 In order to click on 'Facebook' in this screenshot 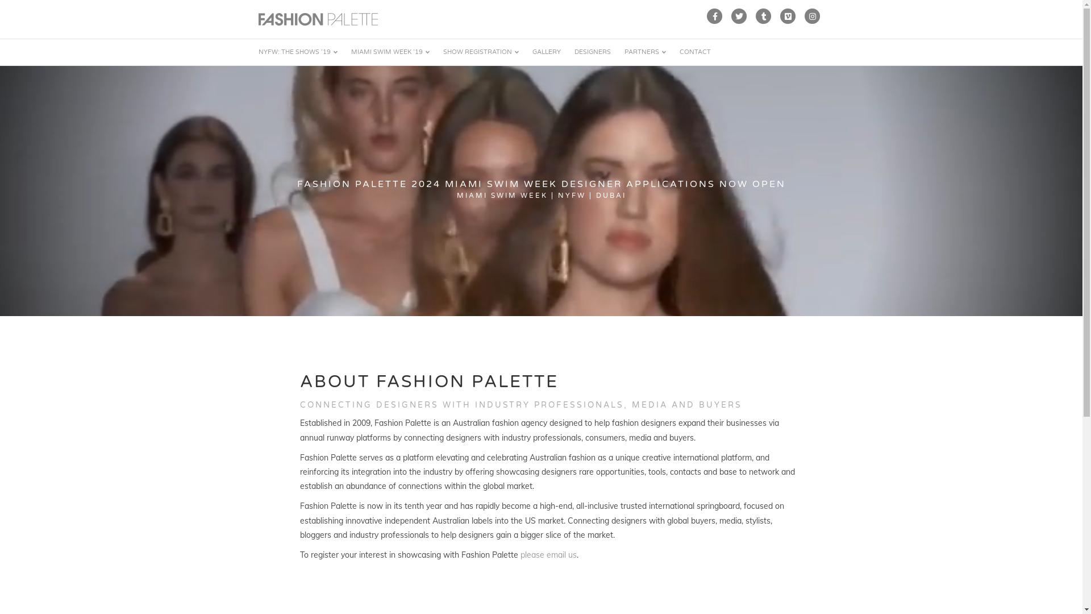, I will do `click(714, 16)`.